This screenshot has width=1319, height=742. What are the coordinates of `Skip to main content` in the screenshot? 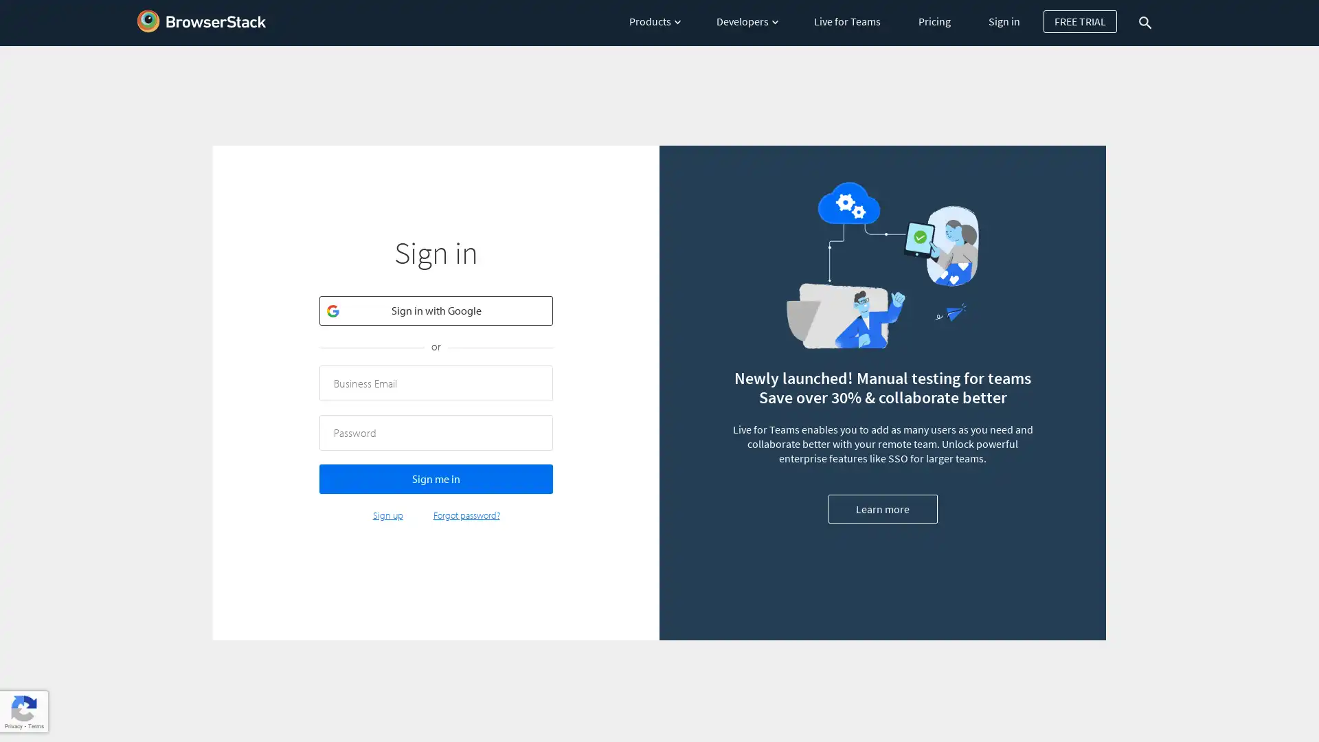 It's located at (2, 5).